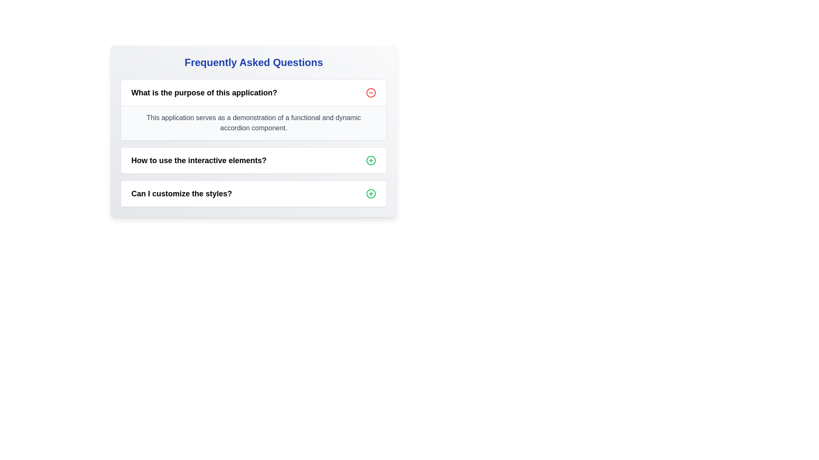 The image size is (819, 460). What do you see at coordinates (253, 161) in the screenshot?
I see `the Collapsible FAQ entry titled 'How to use the interactive elements?' for accessibility navigation` at bounding box center [253, 161].